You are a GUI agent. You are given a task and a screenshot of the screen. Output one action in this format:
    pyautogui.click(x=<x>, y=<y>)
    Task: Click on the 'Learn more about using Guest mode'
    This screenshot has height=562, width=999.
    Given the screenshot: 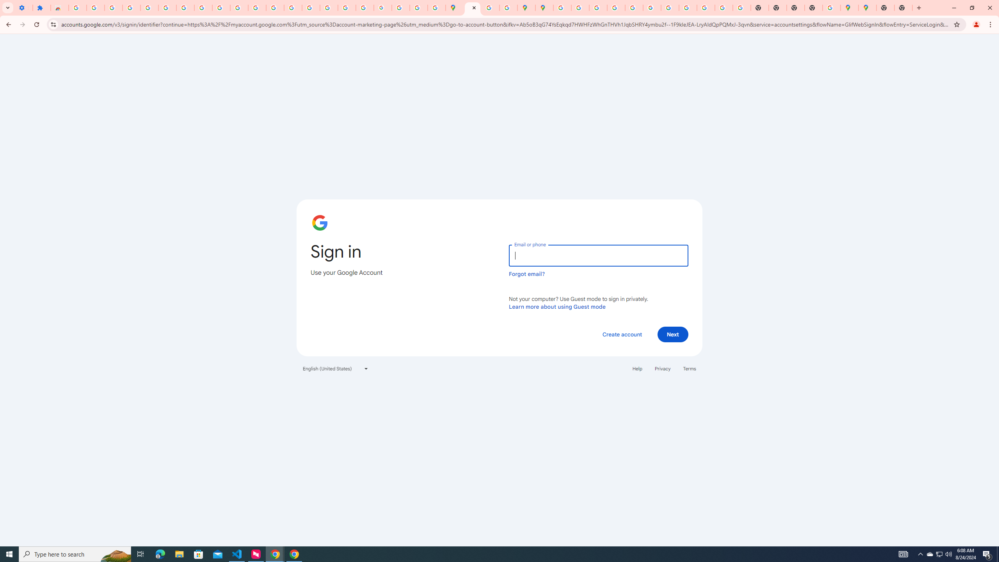 What is the action you would take?
    pyautogui.click(x=557, y=306)
    